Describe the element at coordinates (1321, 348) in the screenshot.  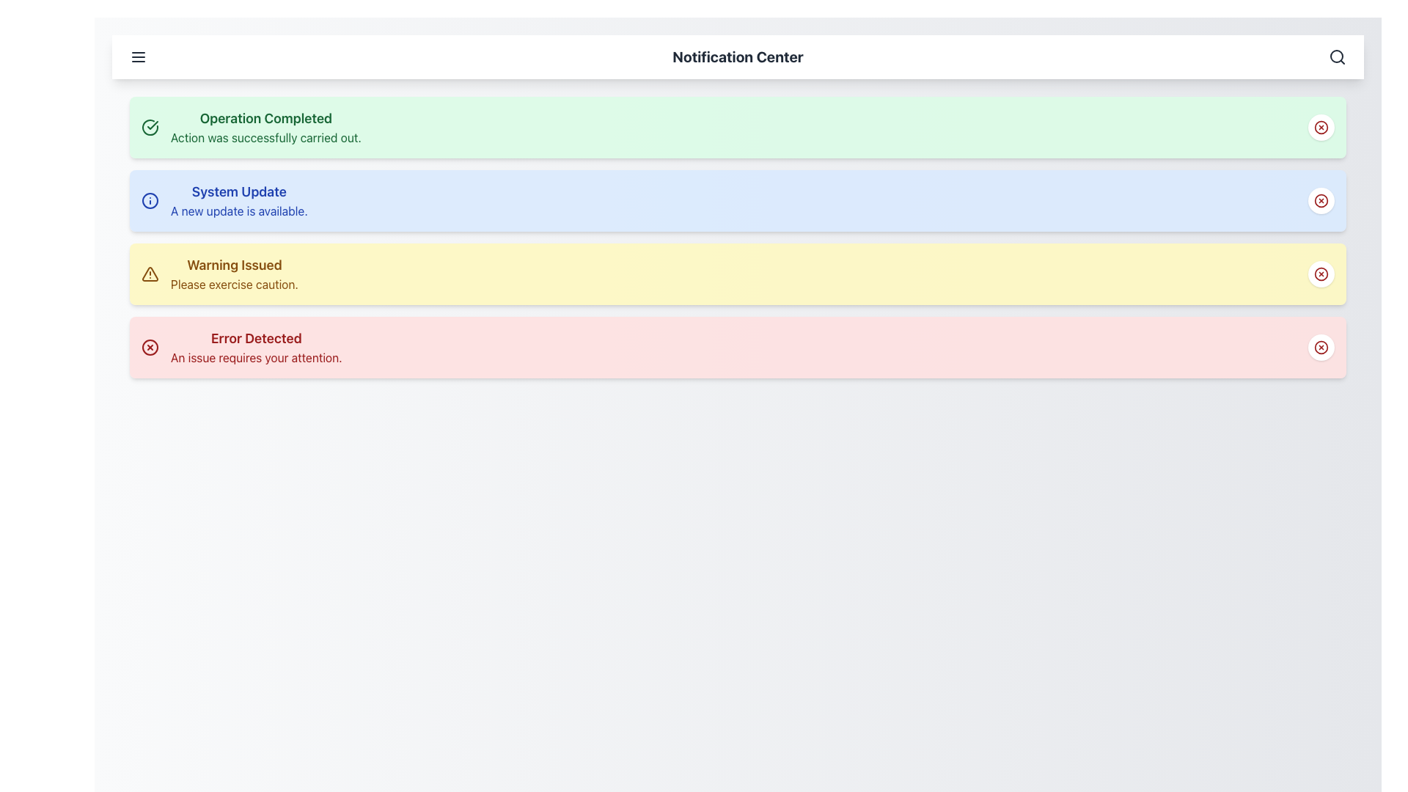
I see `the close button located on the far right side of the 'Error Detected' notification bar` at that location.